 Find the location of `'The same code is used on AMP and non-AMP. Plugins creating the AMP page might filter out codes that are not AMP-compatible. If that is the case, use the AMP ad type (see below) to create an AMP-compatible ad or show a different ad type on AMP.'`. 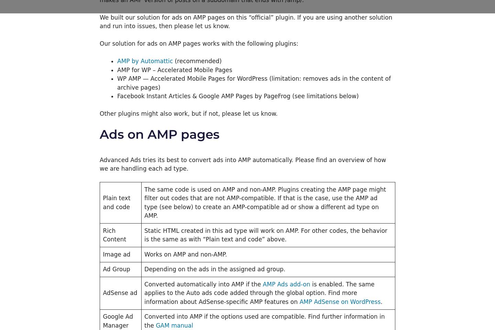

'The same code is used on AMP and non-AMP. Plugins creating the AMP page might filter out codes that are not AMP-compatible. If that is the case, use the AMP ad type (see below) to create an AMP-compatible ad or show a different ad type on AMP.' is located at coordinates (264, 202).